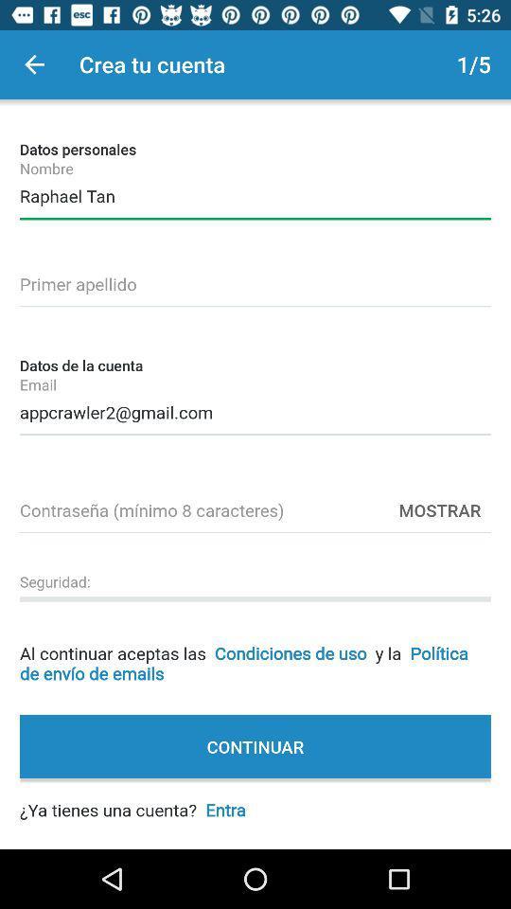 The image size is (511, 909). What do you see at coordinates (132, 798) in the screenshot?
I see `item below continuar` at bounding box center [132, 798].